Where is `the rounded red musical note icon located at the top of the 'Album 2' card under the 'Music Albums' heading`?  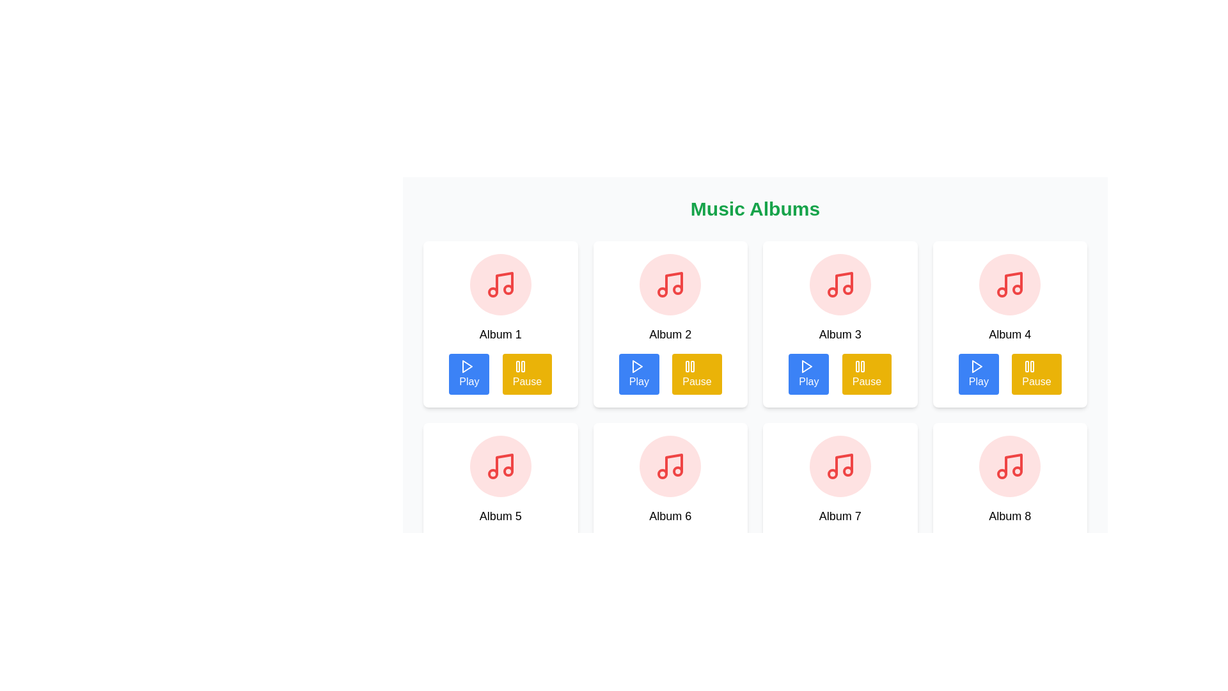
the rounded red musical note icon located at the top of the 'Album 2' card under the 'Music Albums' heading is located at coordinates (670, 283).